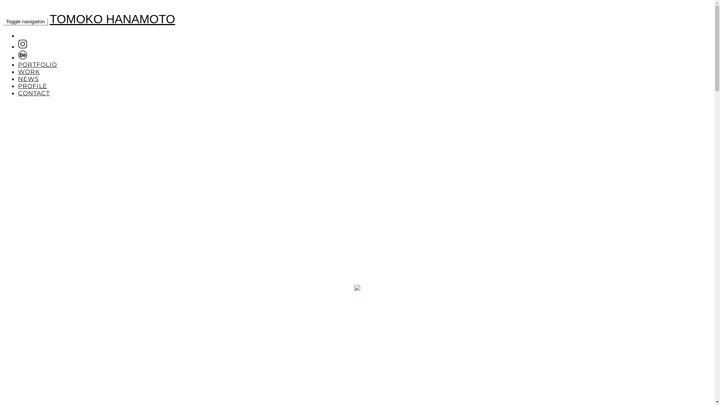 This screenshot has width=720, height=405. What do you see at coordinates (33, 93) in the screenshot?
I see `'CONTACT'` at bounding box center [33, 93].